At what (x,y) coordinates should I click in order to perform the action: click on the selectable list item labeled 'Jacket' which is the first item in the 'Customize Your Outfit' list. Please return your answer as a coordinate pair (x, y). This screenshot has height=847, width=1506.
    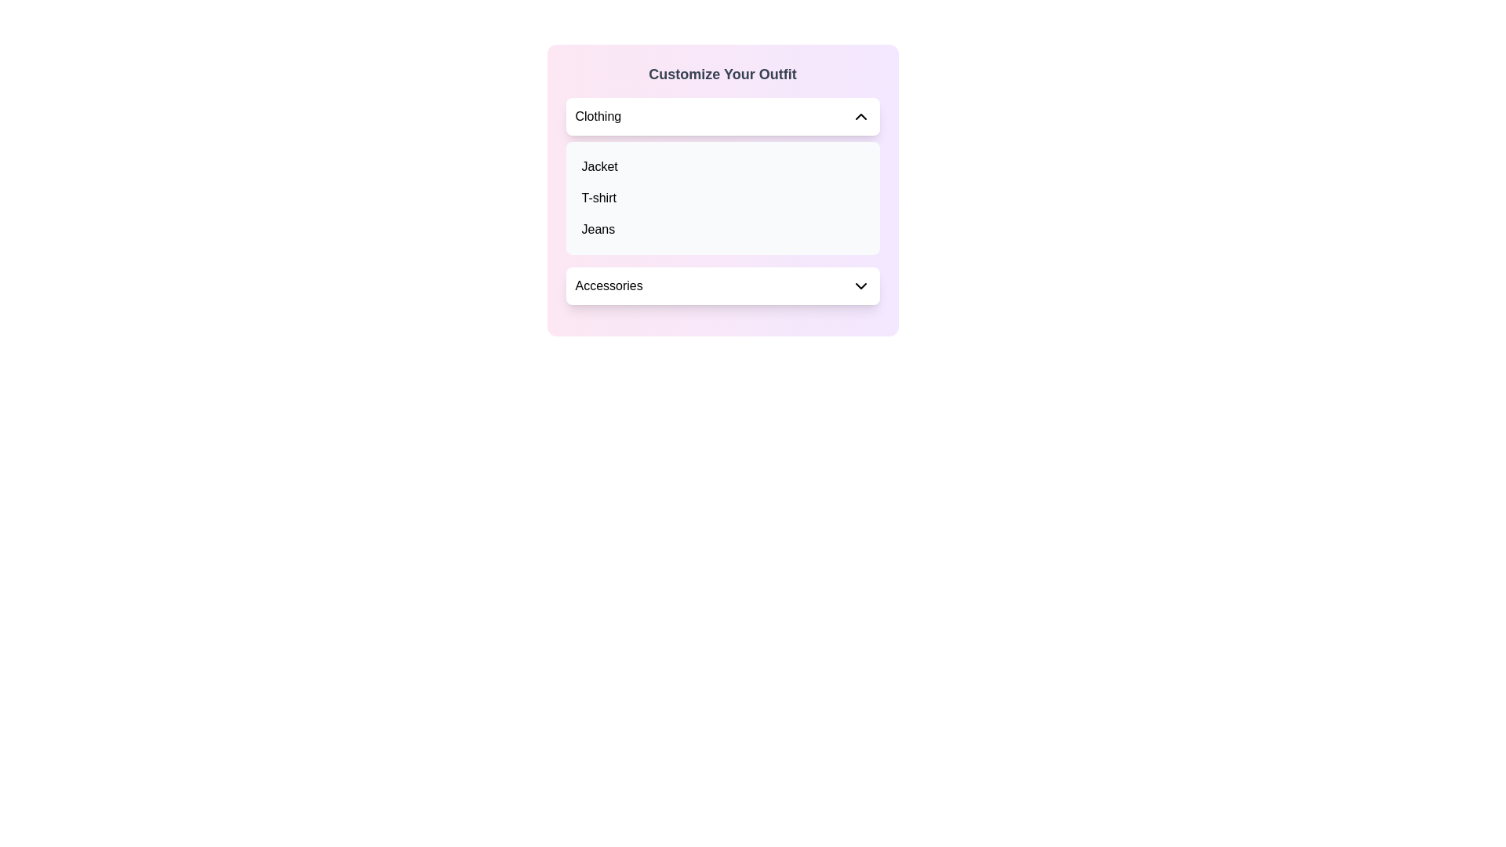
    Looking at the image, I should click on (722, 166).